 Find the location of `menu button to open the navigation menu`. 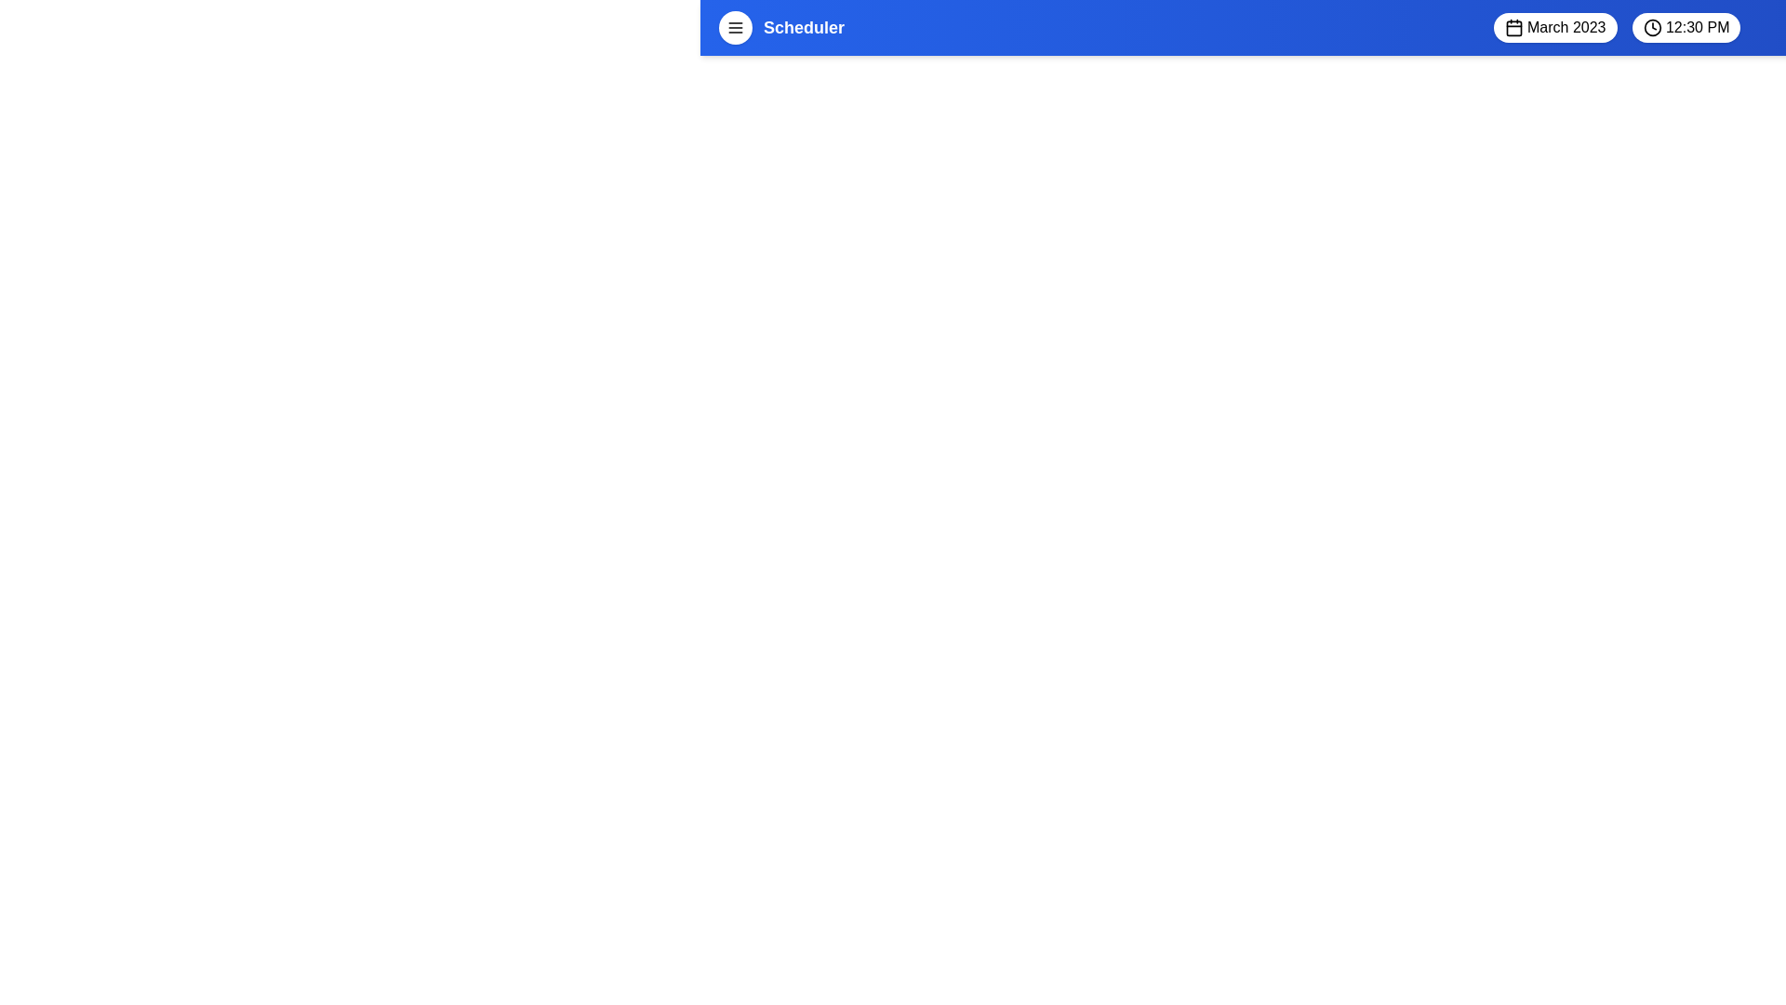

menu button to open the navigation menu is located at coordinates (735, 28).